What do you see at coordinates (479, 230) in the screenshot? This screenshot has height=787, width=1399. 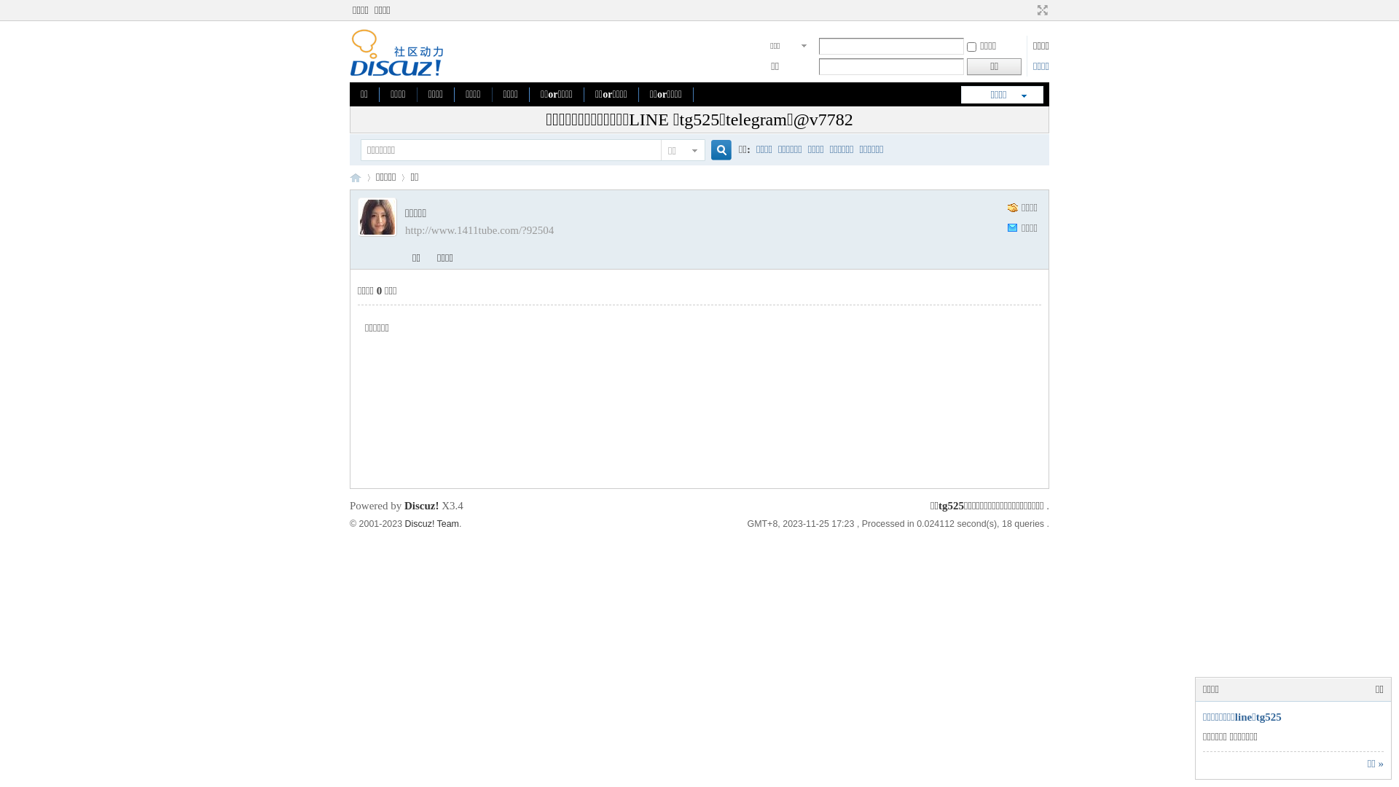 I see `'http://www.1411tube.com/?92504'` at bounding box center [479, 230].